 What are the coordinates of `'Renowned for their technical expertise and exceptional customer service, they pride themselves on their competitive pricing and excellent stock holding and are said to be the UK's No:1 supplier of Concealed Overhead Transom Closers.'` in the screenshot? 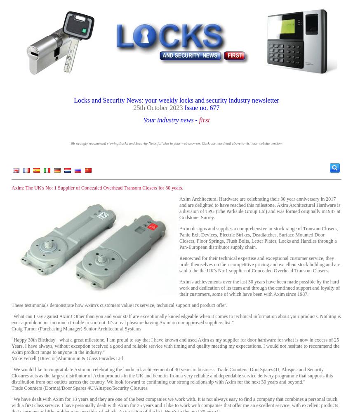 It's located at (179, 265).